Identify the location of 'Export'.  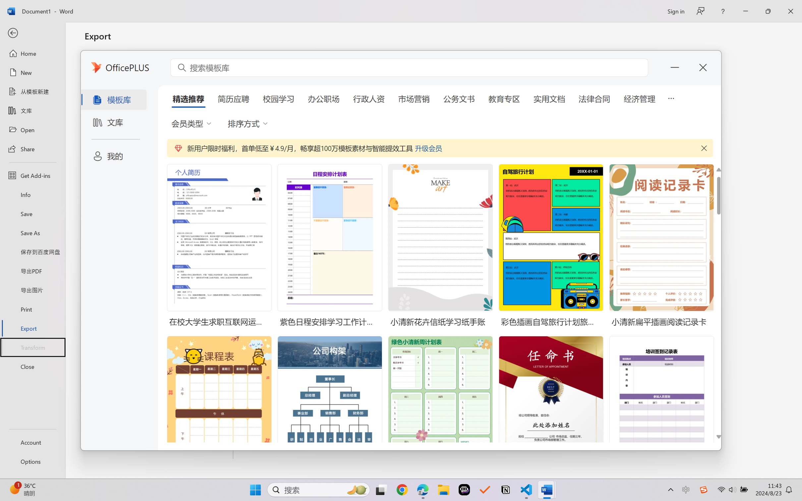
(32, 328).